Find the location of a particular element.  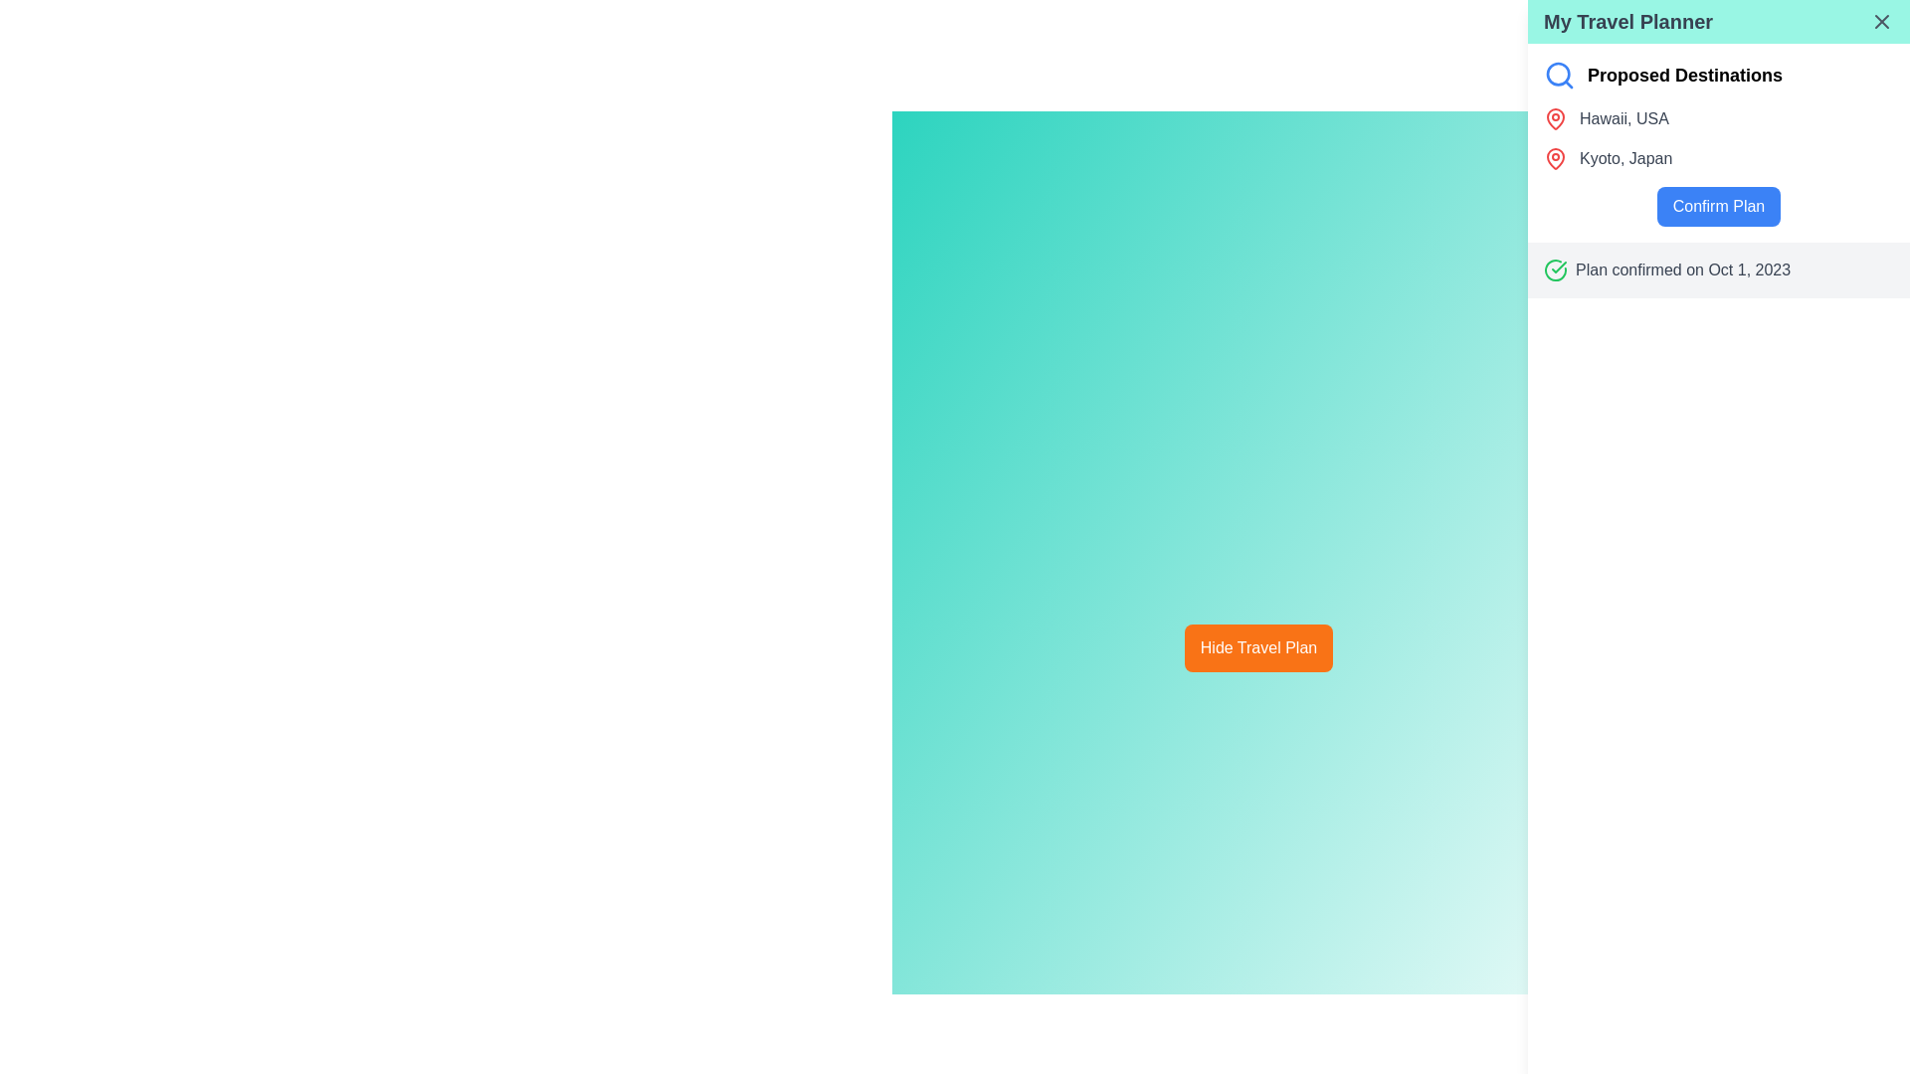

the Map Pin icon located to the left of the text label 'Hawaii, USA' in the 'Proposed Destinations' section of the sidebar, if it is made interactive in the future is located at coordinates (1555, 118).